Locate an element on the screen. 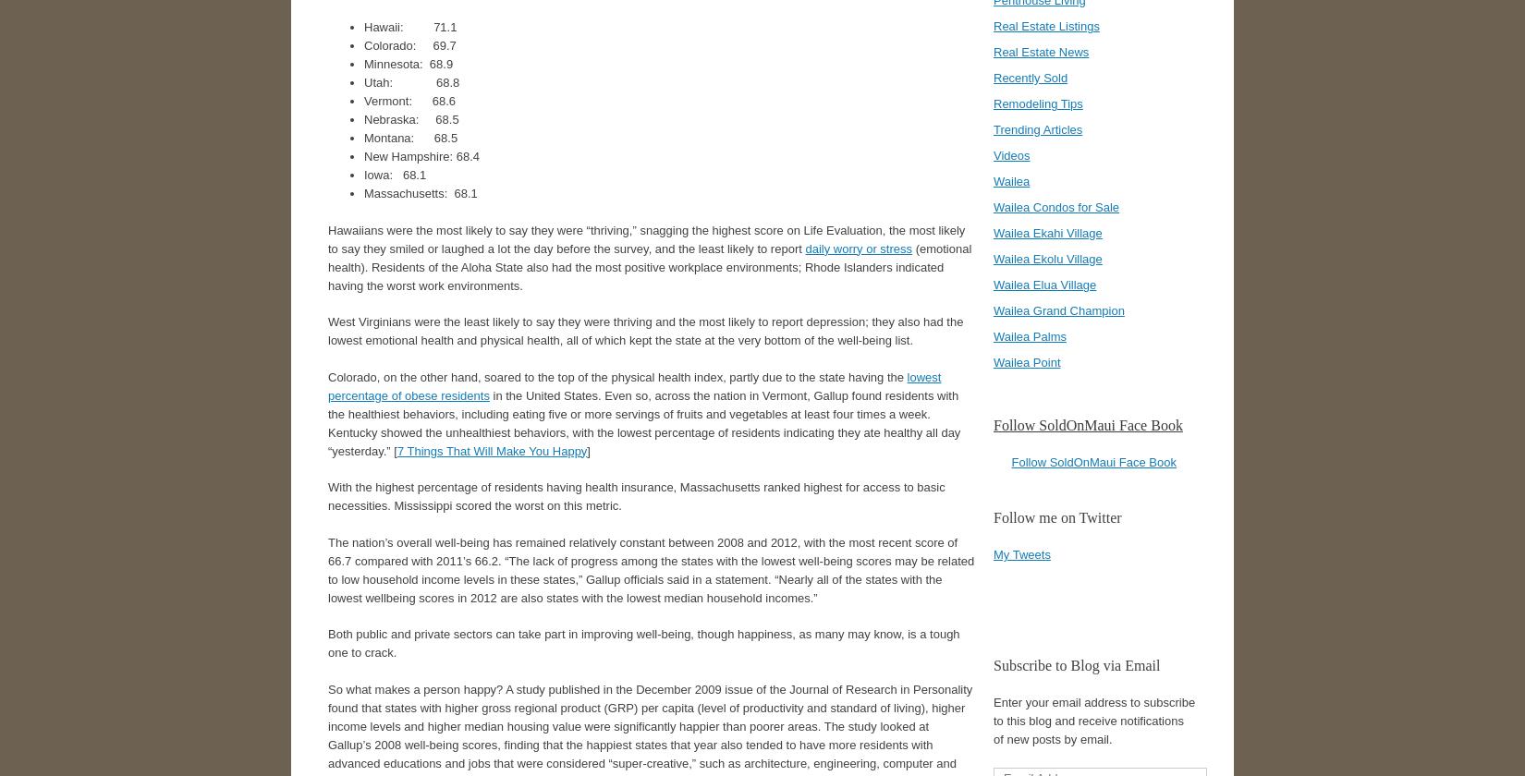 The height and width of the screenshot is (776, 1525). 'The nation’s overall well-being has remained relatively constant between 2008 and 2012, with the most recent score of 66.7 compared with 2011’s 66.2. “The lack of progress among the states with the lowest well-being scores may be related to low household income levels in these states,” Gallup officials said in a statement. “Nearly all of the states with the lowest wellbeing scores in 2012 are also states with the lowest median household incomes.”' is located at coordinates (650, 569).